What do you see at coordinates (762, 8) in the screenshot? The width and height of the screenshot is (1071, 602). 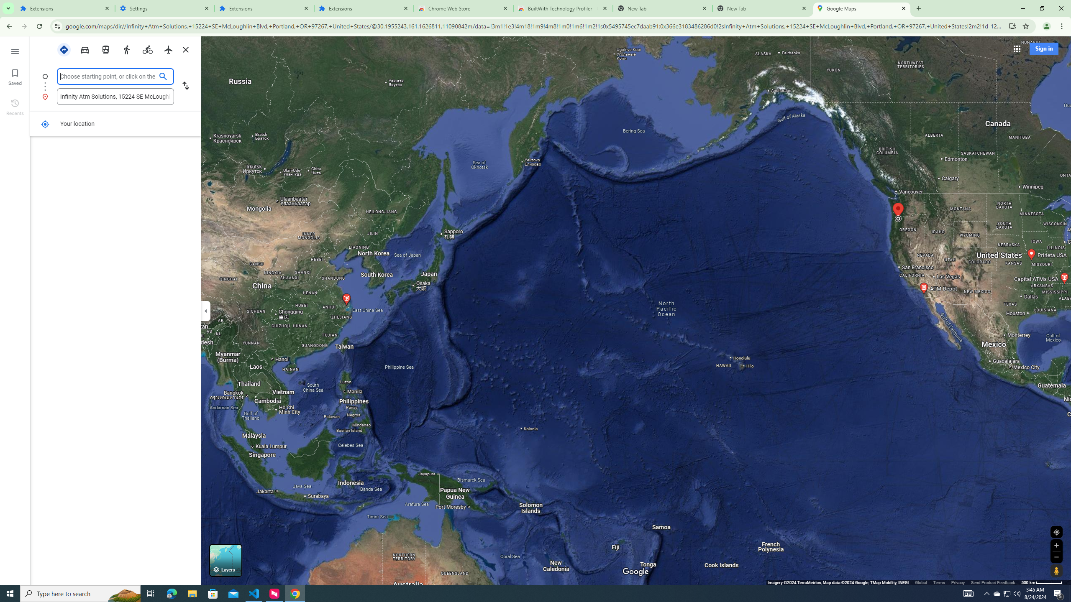 I see `'New Tab'` at bounding box center [762, 8].